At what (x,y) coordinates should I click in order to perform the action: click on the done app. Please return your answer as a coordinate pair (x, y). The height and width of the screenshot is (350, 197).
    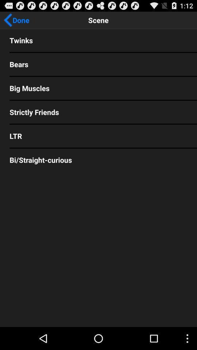
    Looking at the image, I should click on (16, 20).